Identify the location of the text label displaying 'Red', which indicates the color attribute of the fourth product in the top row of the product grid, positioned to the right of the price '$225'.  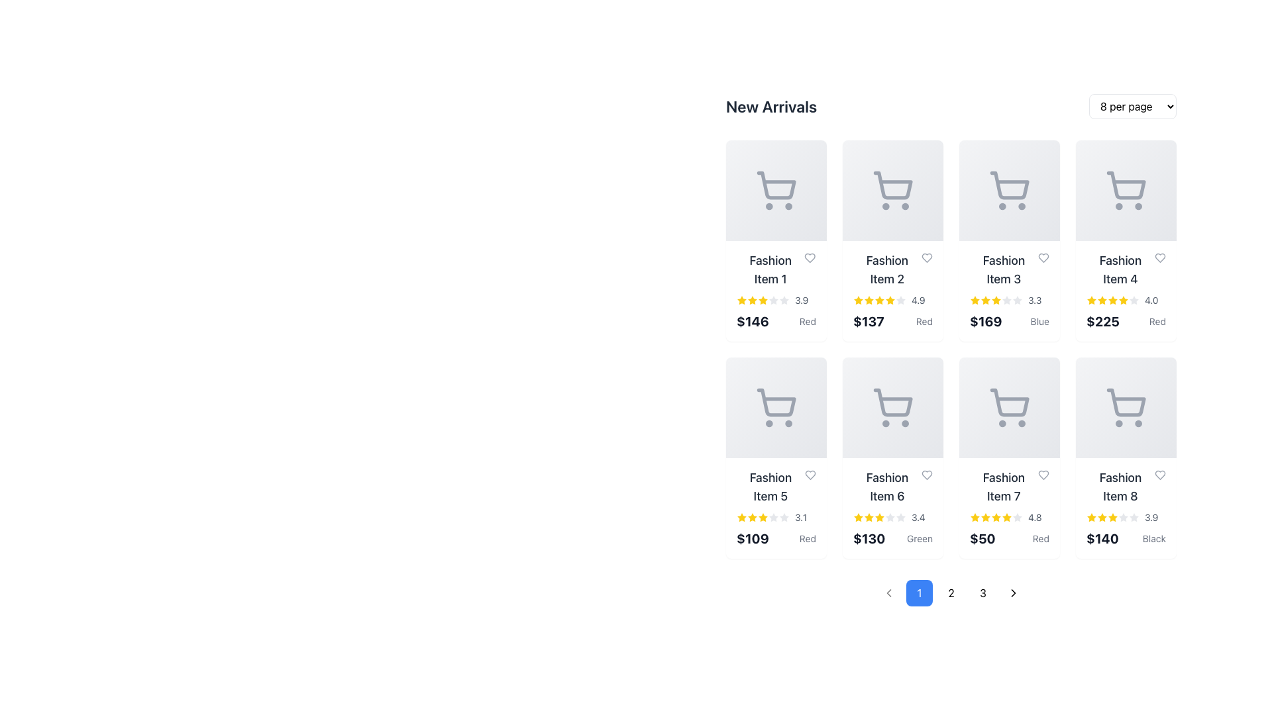
(1157, 322).